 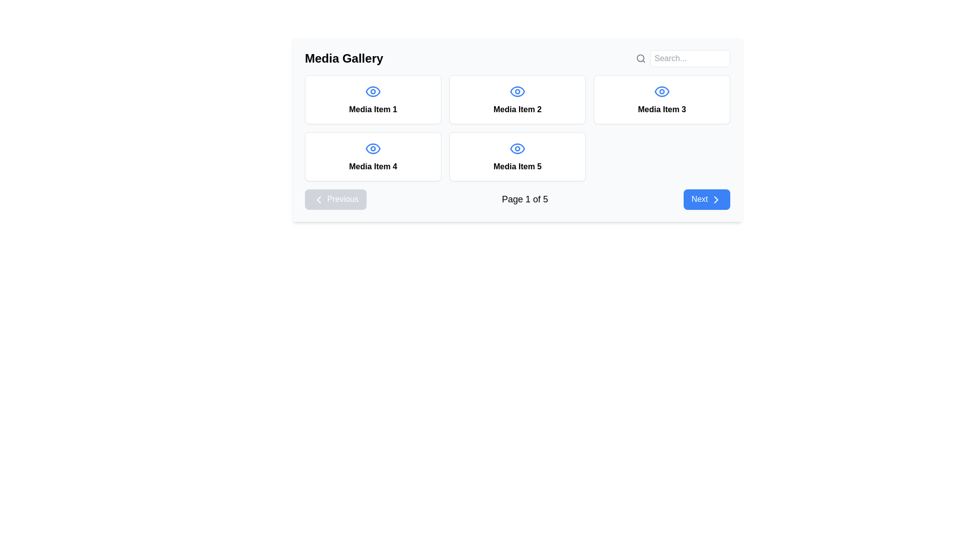 I want to click on the chevron icon indicating the action of moving forward in the 'Next' button for keyboard navigation, so click(x=715, y=199).